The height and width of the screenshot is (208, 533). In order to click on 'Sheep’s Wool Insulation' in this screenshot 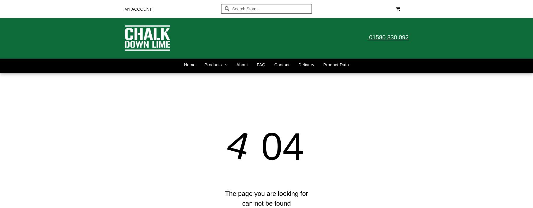, I will do `click(208, 201)`.